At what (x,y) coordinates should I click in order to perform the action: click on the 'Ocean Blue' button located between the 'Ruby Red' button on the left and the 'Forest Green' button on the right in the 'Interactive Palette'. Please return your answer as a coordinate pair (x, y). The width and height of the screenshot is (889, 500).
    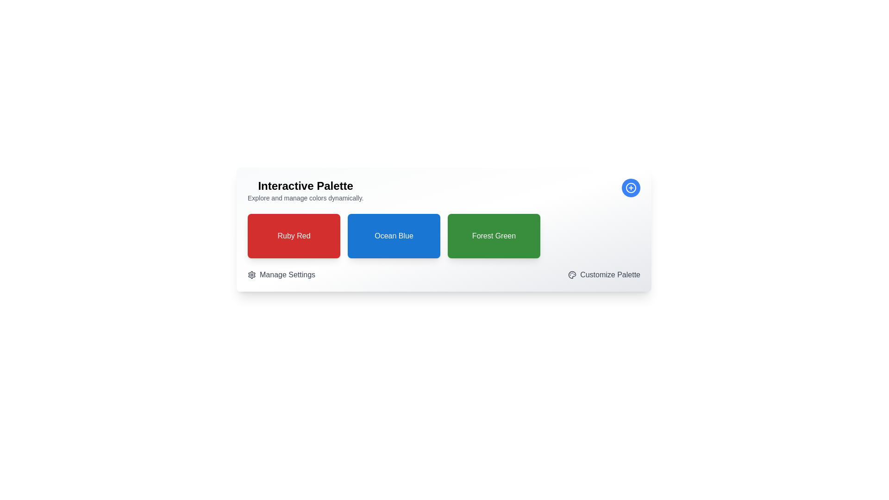
    Looking at the image, I should click on (394, 235).